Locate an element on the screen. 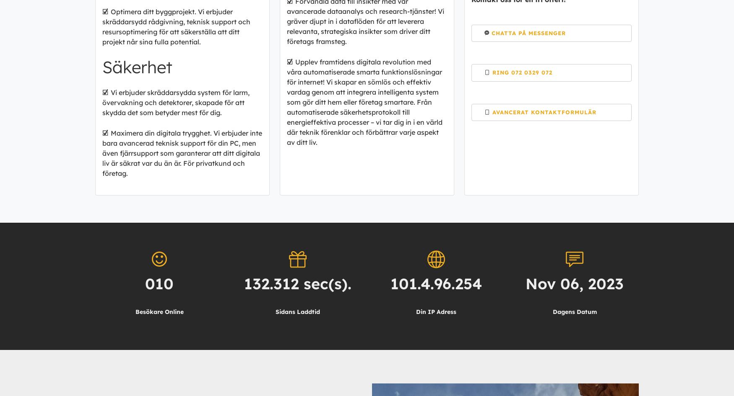 This screenshot has width=734, height=396. 'Din IP Adress' is located at coordinates (436, 311).